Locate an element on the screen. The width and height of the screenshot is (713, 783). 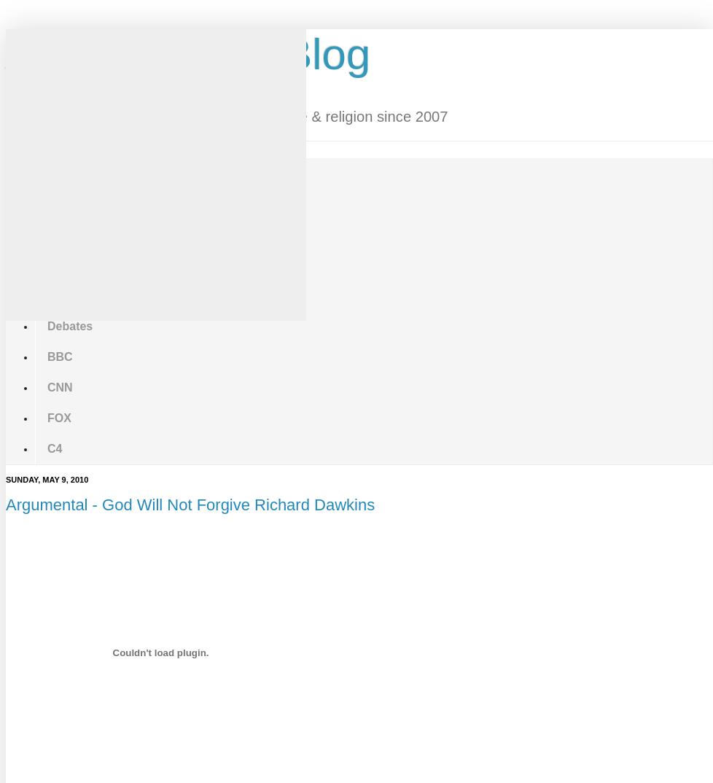
'Sunday, May 9, 2010' is located at coordinates (6, 478).